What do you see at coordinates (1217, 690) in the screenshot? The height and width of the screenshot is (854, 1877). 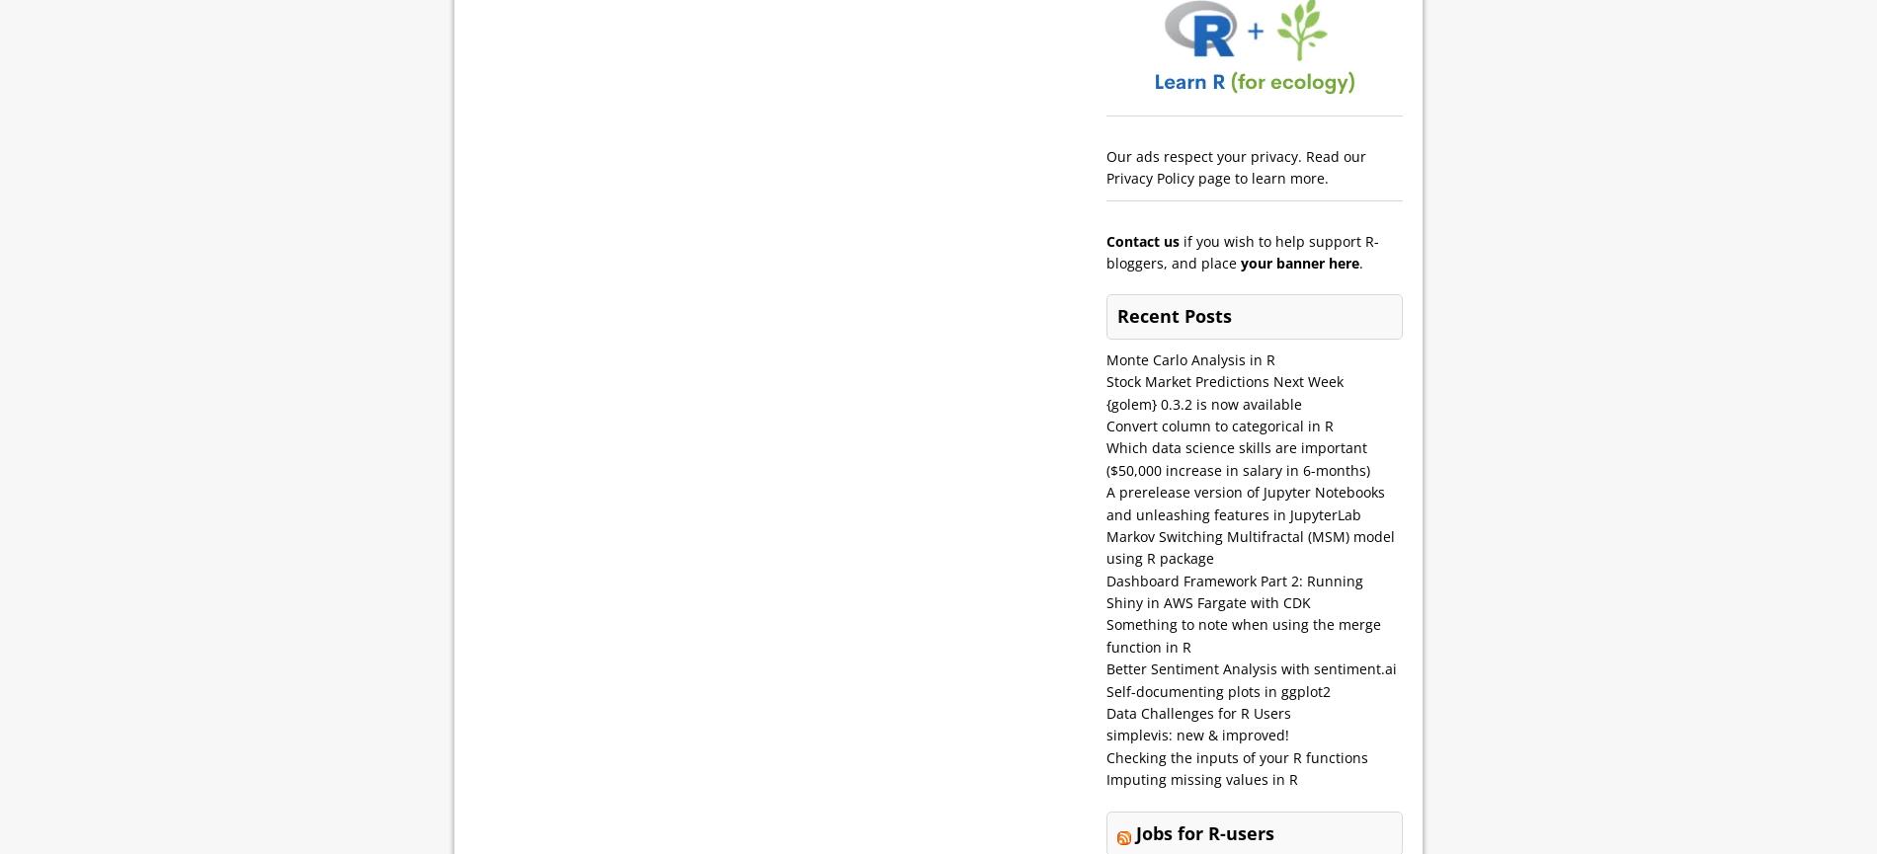 I see `'Self-documenting plots in ggplot2'` at bounding box center [1217, 690].